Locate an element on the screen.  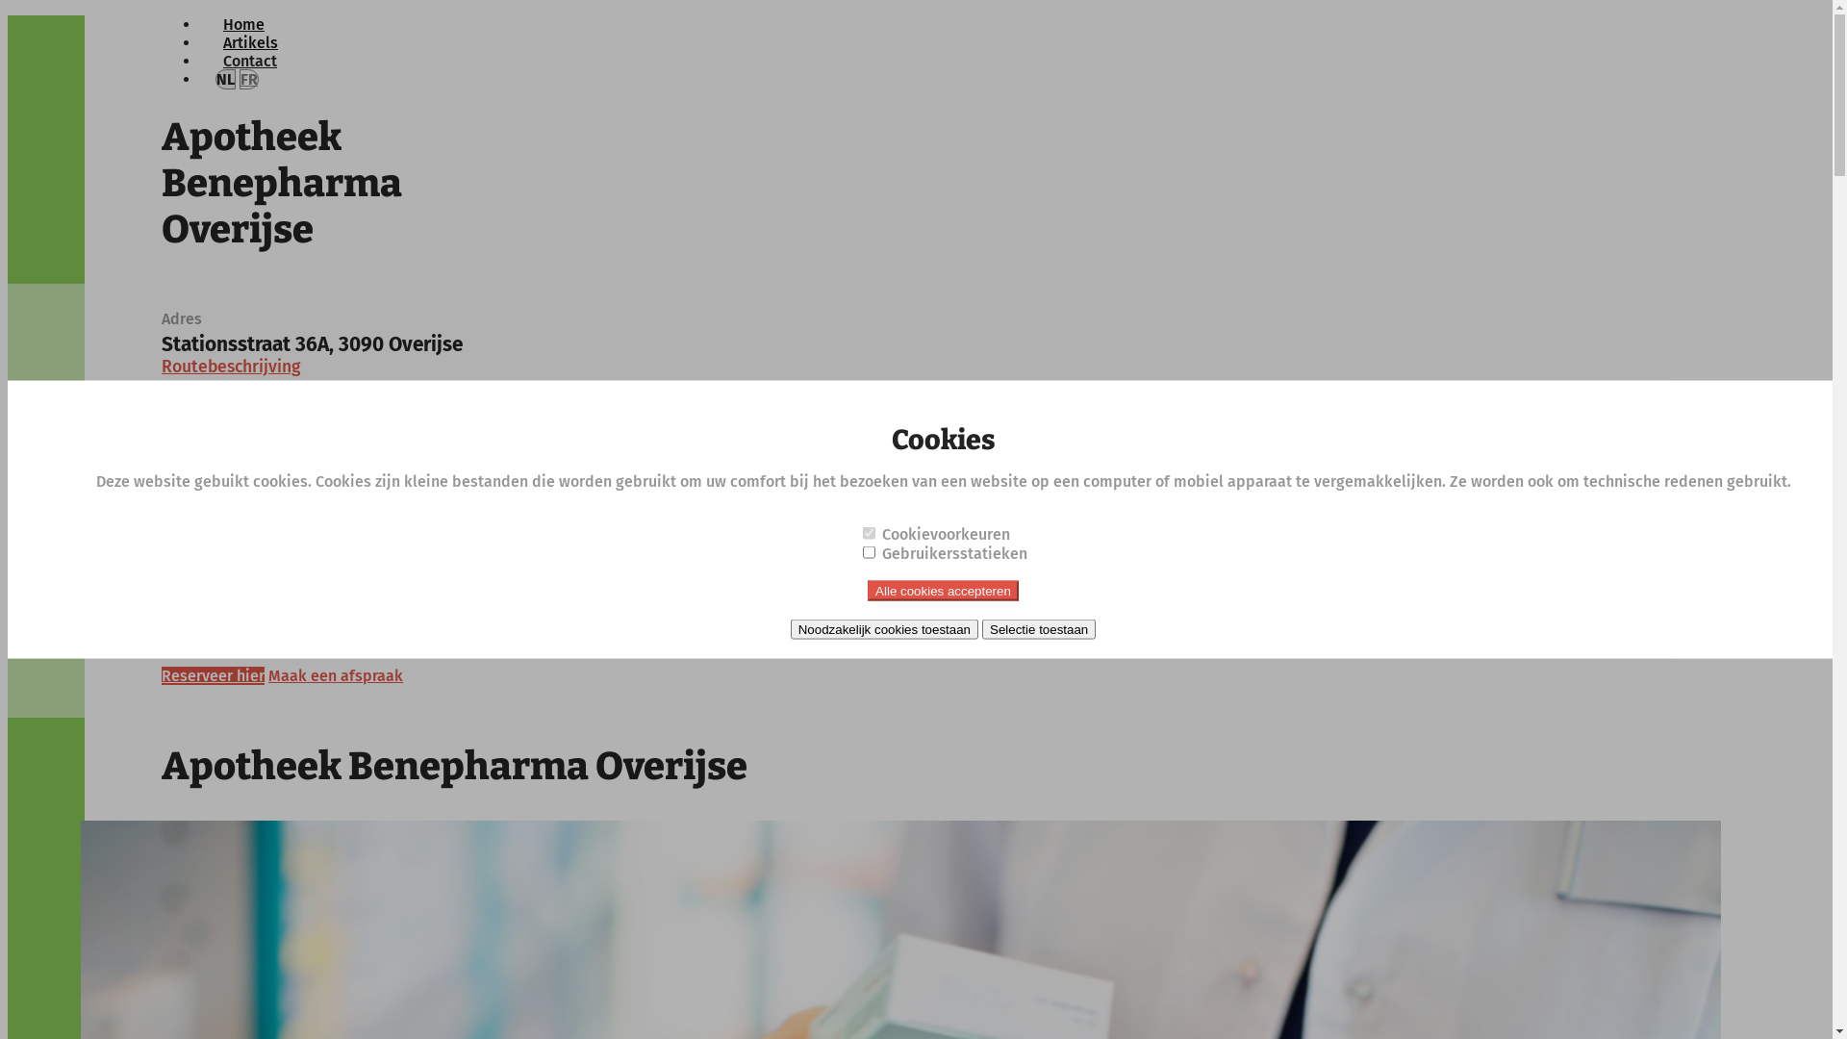
'Noodzakelijk cookies toestaan' is located at coordinates (790, 628).